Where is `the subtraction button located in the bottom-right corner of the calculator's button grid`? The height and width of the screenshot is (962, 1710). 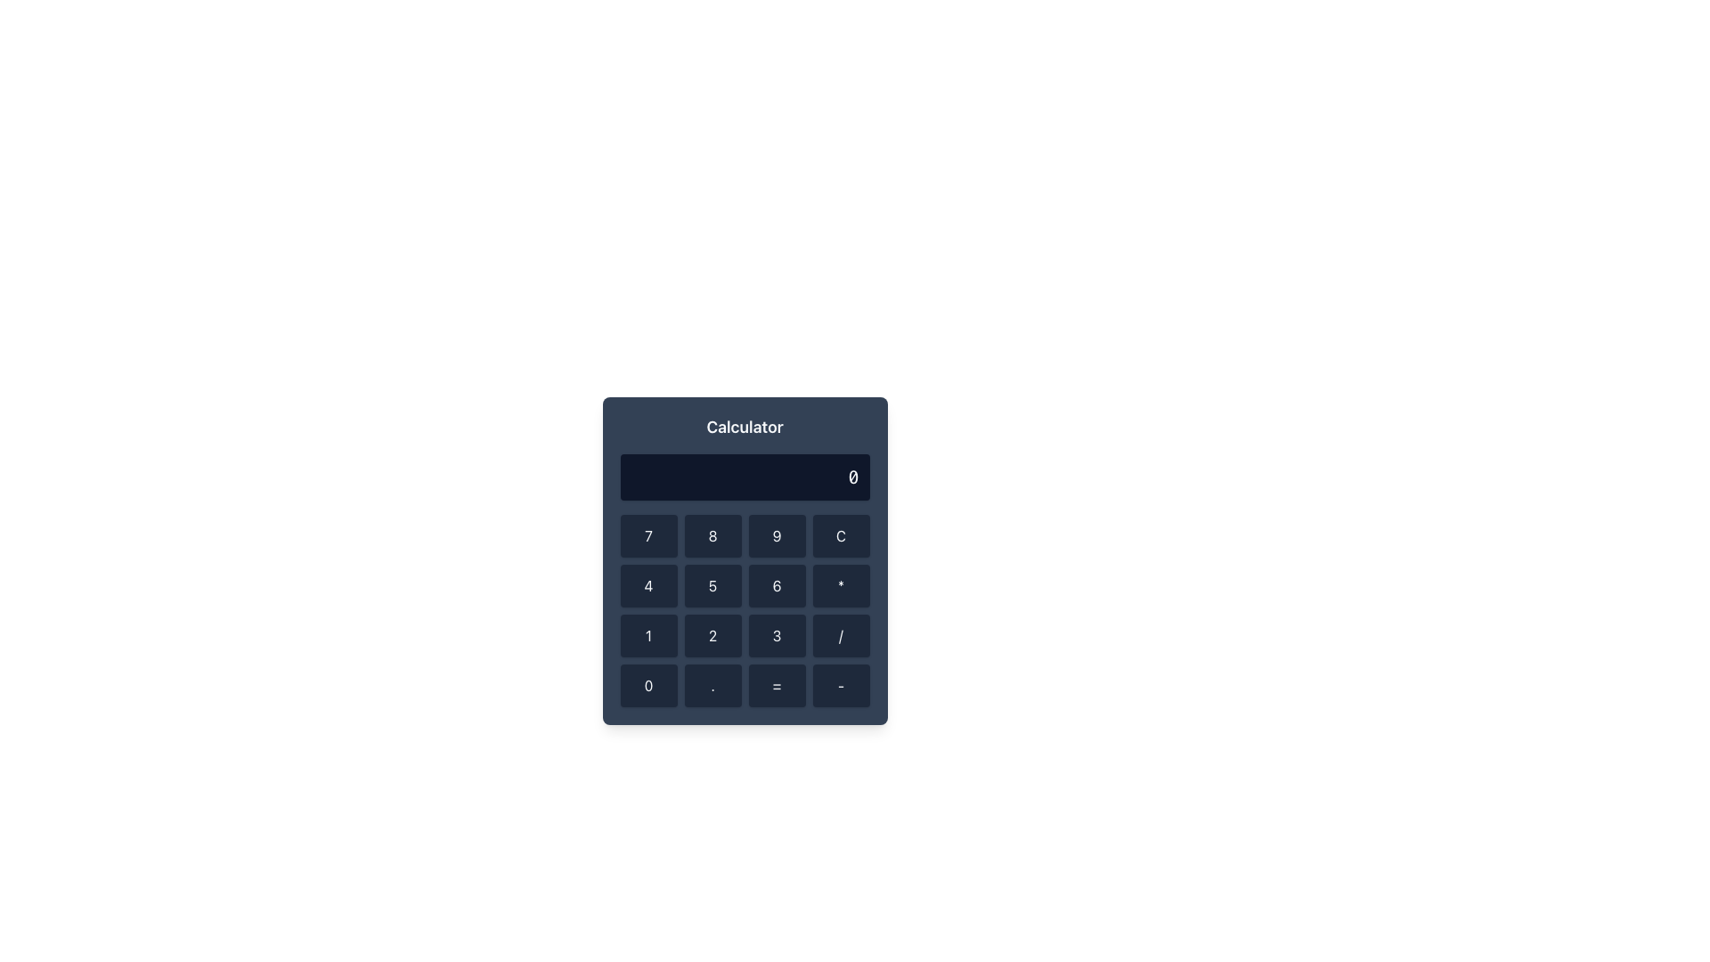
the subtraction button located in the bottom-right corner of the calculator's button grid is located at coordinates (840, 685).